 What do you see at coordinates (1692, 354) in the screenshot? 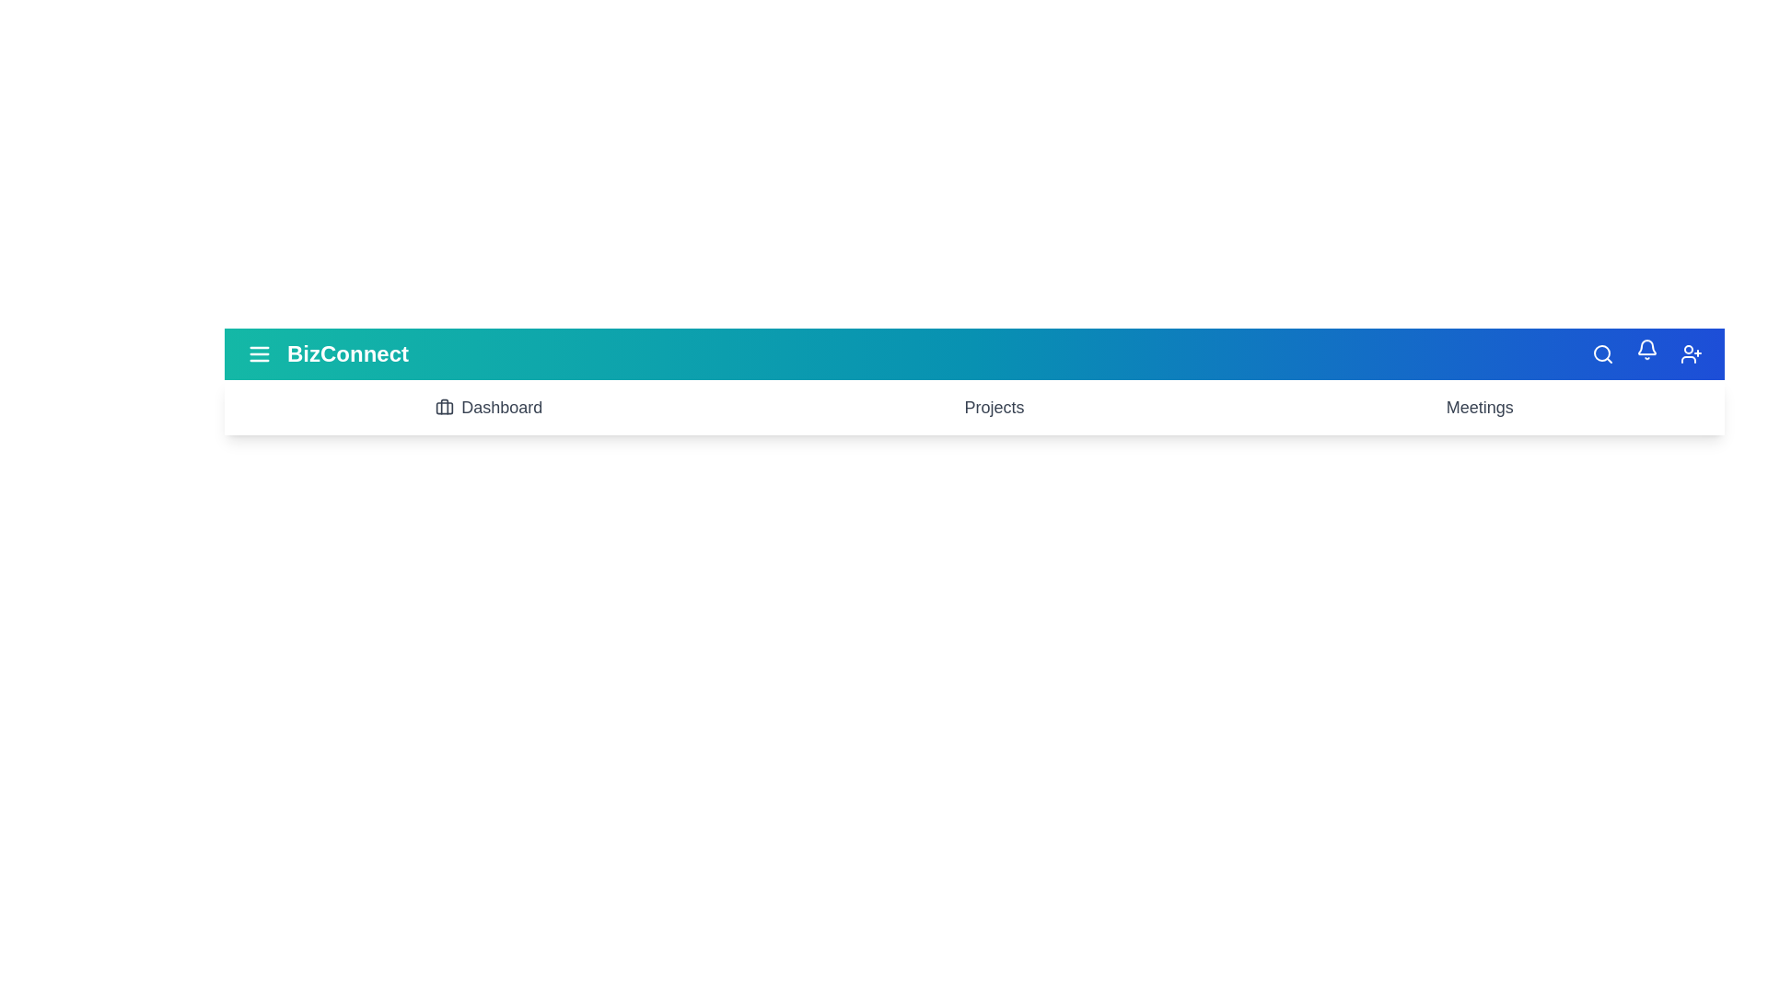
I see `'UserPlus' icon to add a new user` at bounding box center [1692, 354].